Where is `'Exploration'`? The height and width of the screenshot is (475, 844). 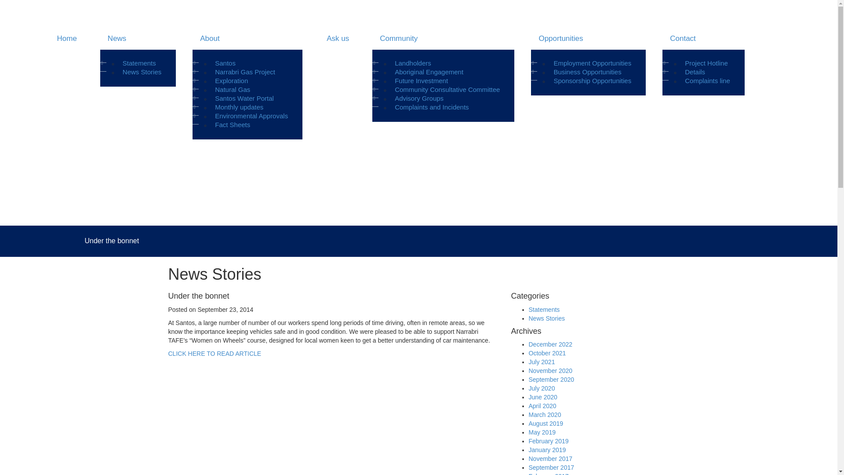 'Exploration' is located at coordinates (231, 81).